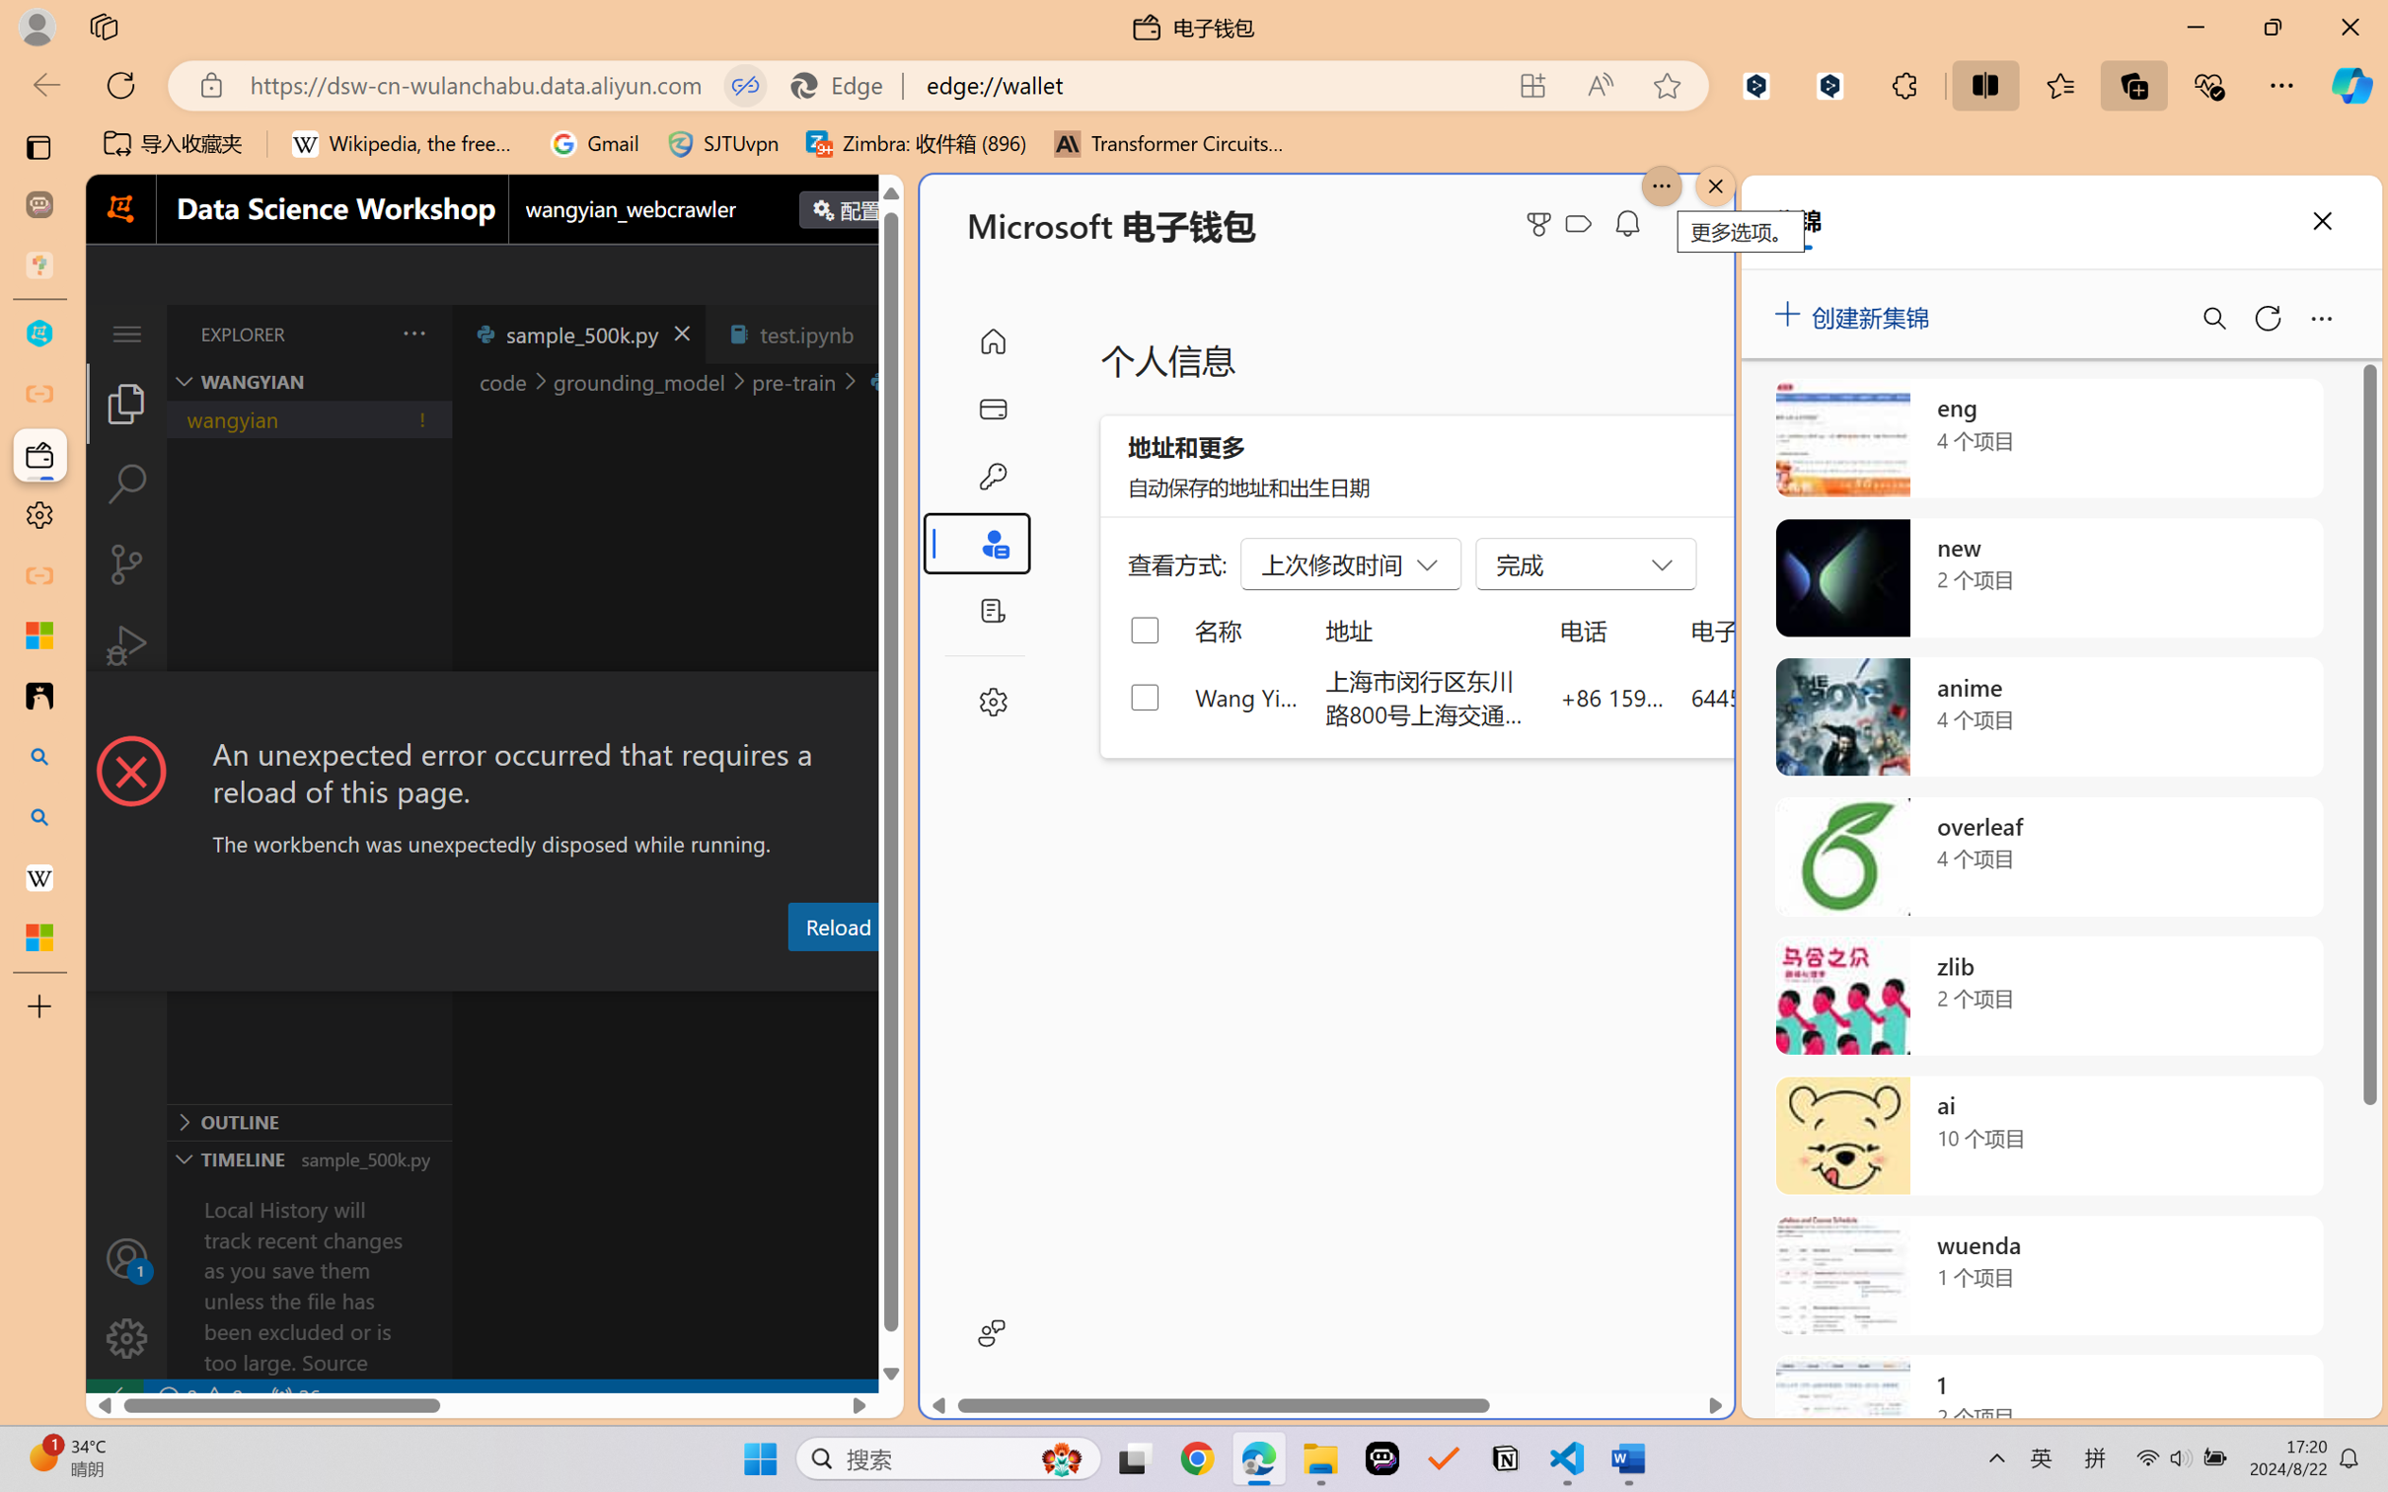 The height and width of the screenshot is (1492, 2388). I want to click on 'remote', so click(112, 1396).